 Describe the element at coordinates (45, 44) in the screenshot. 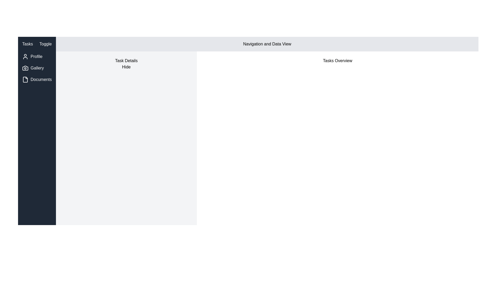

I see `the 'Toggle' text label in the left sidebar to interact with it` at that location.